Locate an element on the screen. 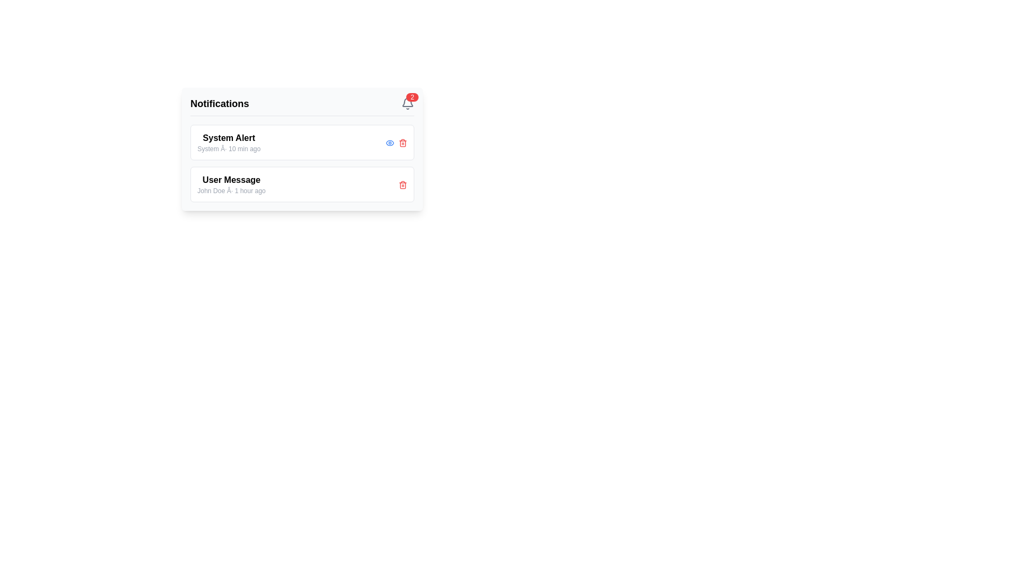  the visibility icon, which is a small blue eye SVG located in the second notification row is located at coordinates (389, 142).